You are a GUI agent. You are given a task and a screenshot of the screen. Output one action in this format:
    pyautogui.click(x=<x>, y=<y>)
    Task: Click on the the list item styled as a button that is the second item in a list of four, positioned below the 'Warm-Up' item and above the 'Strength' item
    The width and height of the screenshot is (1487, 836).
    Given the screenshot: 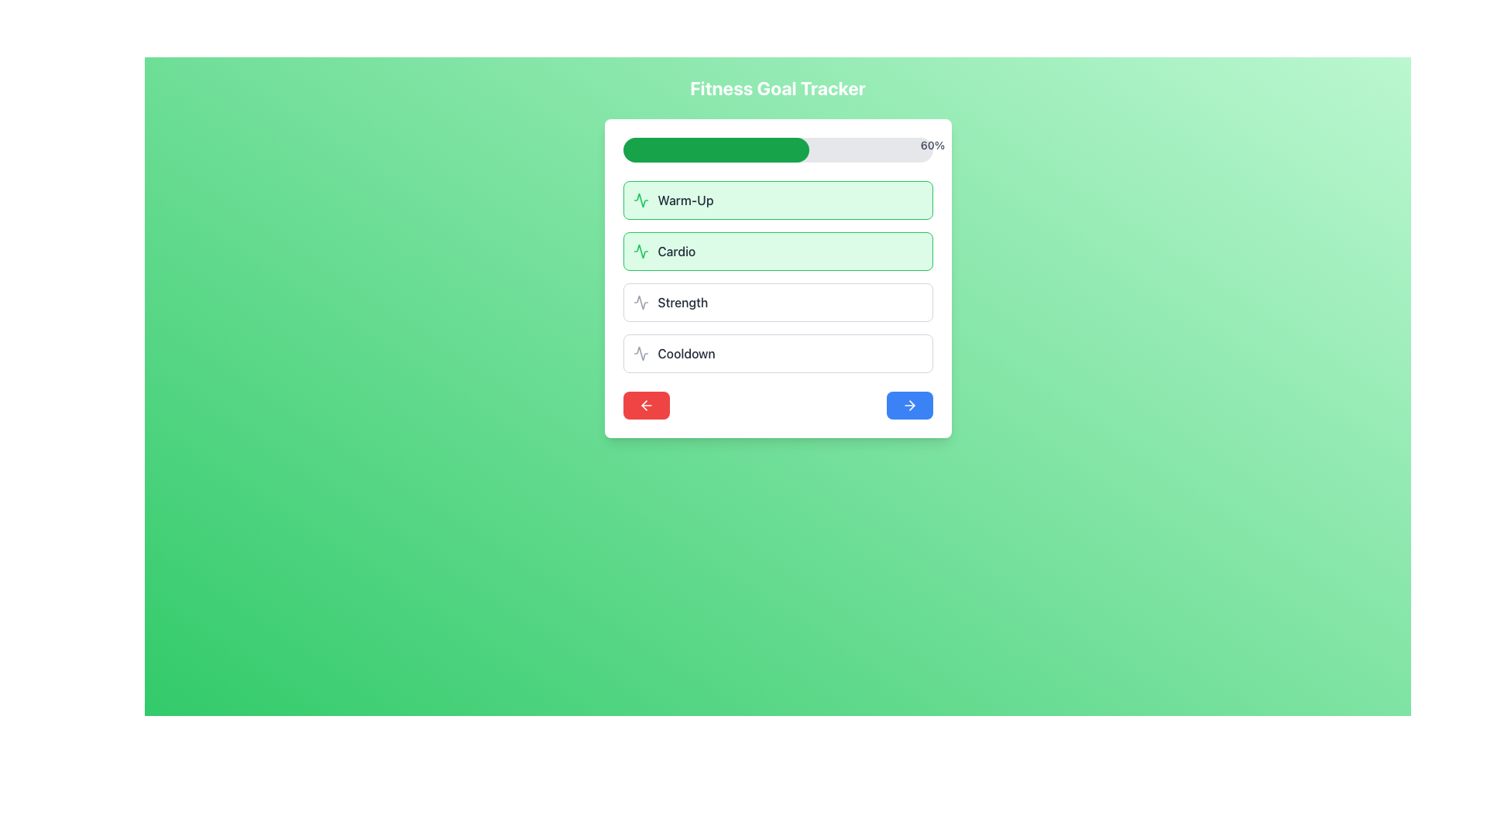 What is the action you would take?
    pyautogui.click(x=778, y=276)
    